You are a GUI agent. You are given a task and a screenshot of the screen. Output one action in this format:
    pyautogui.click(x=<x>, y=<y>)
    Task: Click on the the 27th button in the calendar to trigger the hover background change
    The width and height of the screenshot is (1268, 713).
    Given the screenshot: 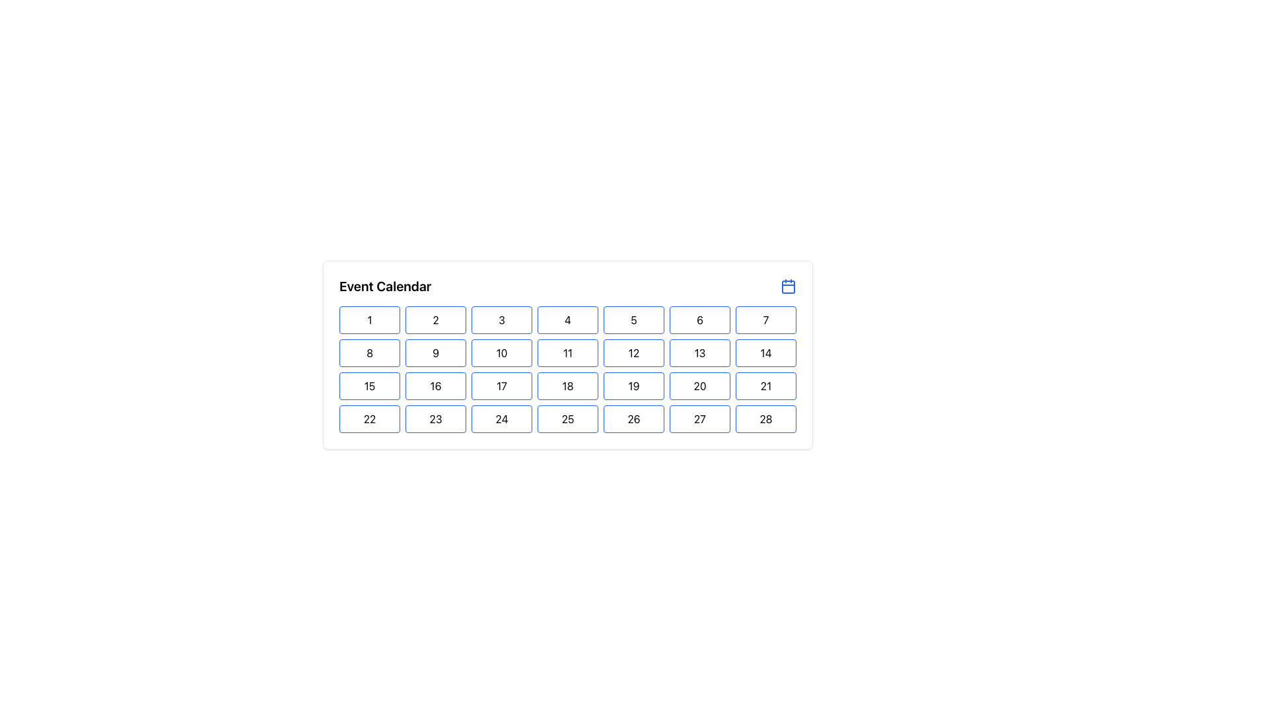 What is the action you would take?
    pyautogui.click(x=699, y=419)
    